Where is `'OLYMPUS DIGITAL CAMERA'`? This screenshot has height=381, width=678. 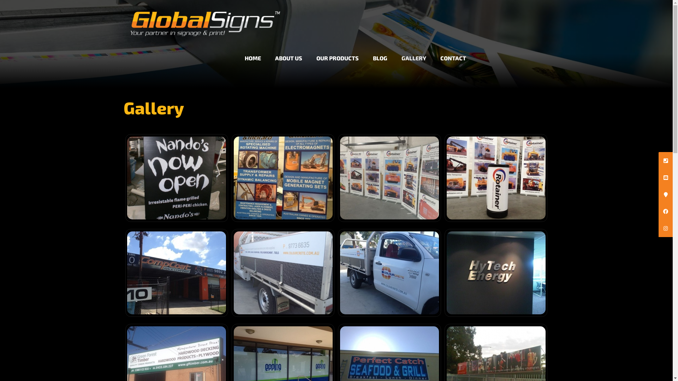 'OLYMPUS DIGITAL CAMERA' is located at coordinates (176, 177).